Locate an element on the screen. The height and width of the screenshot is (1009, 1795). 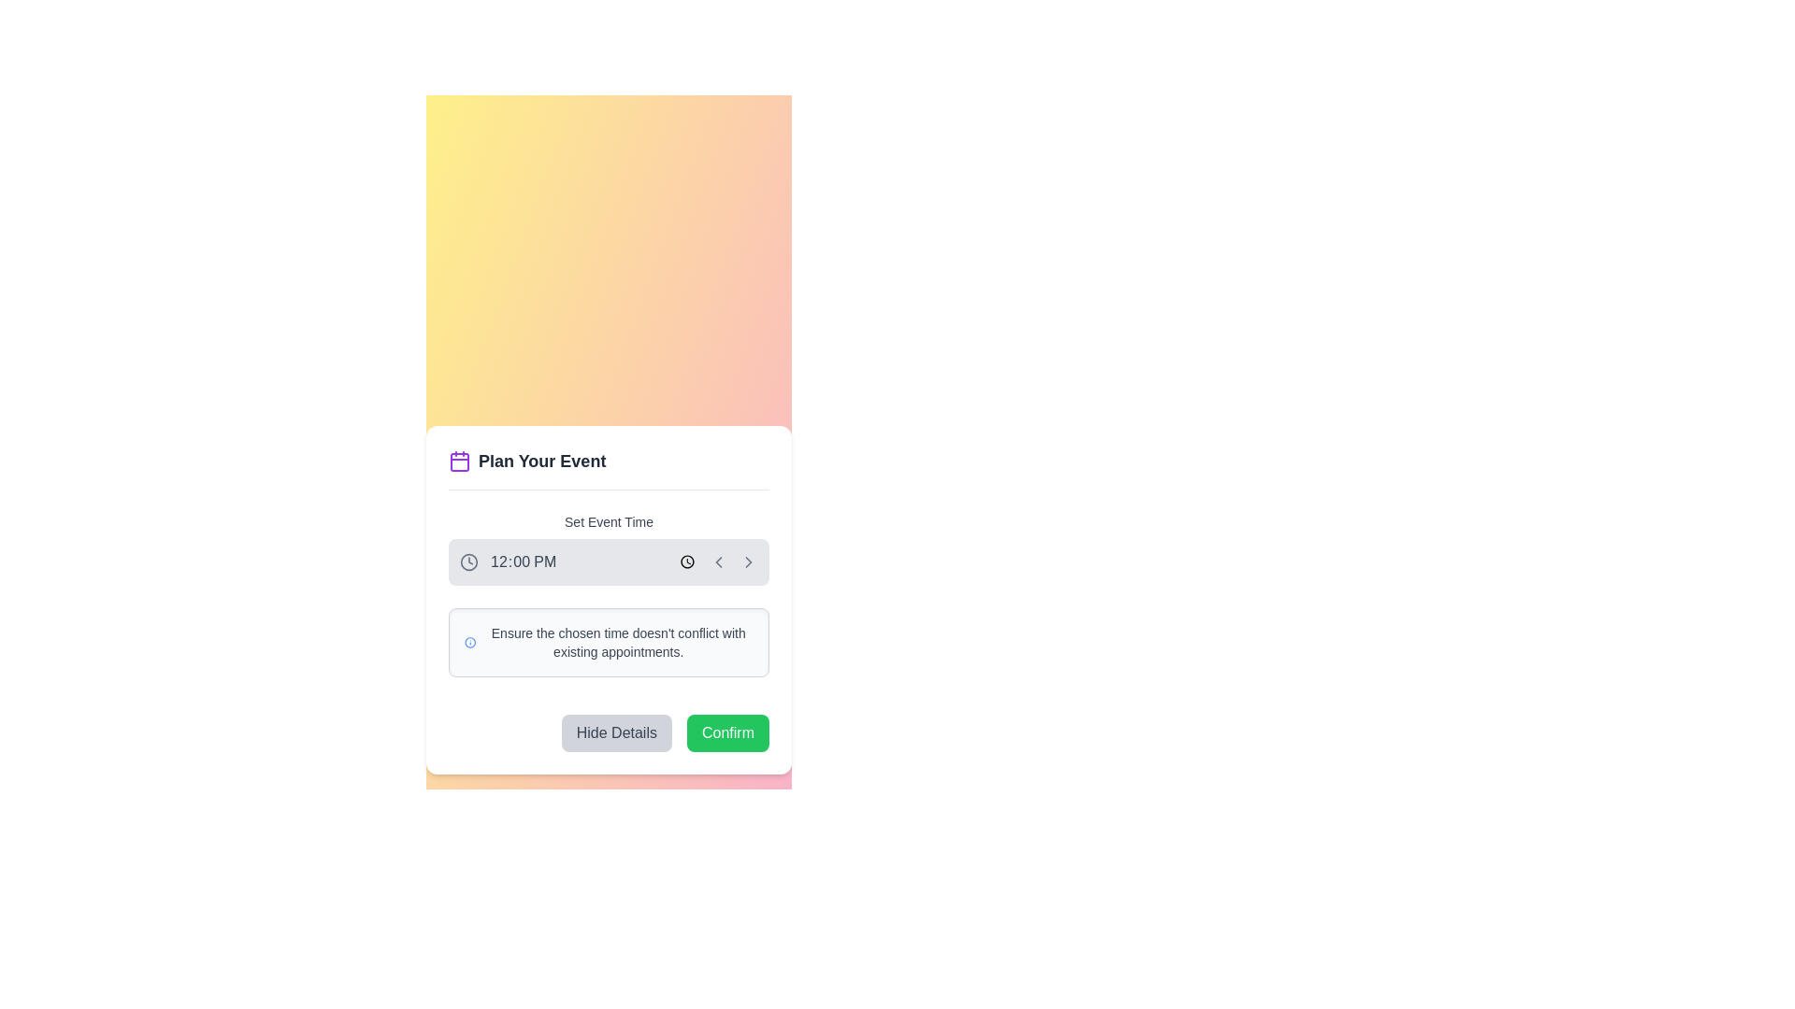
the decorative or status-indicating icon located within the informational alert message box beneath the 'Set Event Time' label, adjacent to the warning text is located at coordinates (470, 641).